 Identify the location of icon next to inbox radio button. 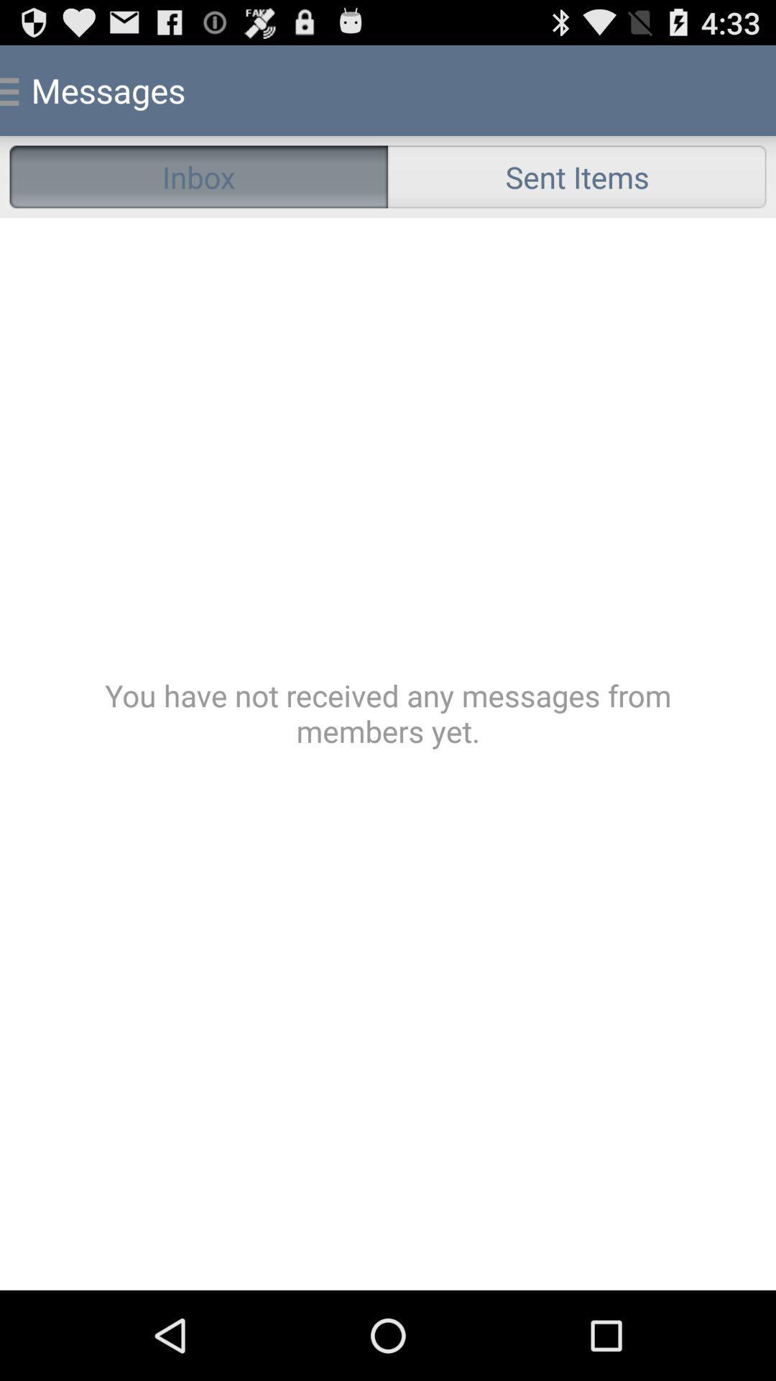
(576, 176).